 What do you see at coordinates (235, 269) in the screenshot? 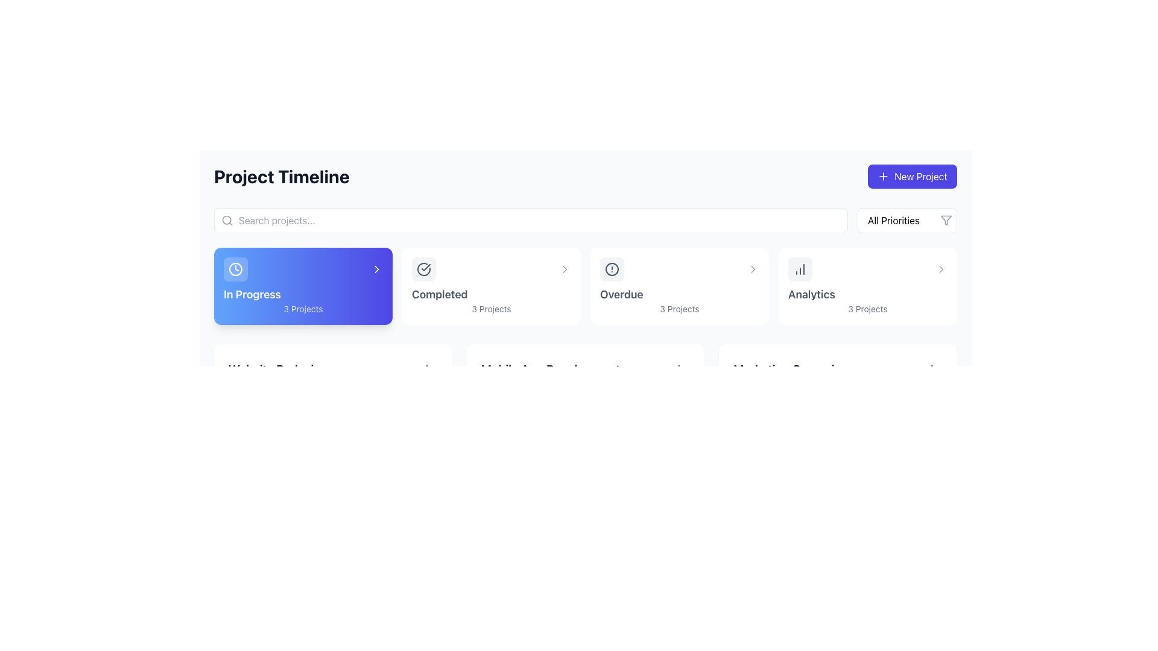
I see `the clock icon located at the top-left corner of the 'In Progress' card in the dashboard` at bounding box center [235, 269].